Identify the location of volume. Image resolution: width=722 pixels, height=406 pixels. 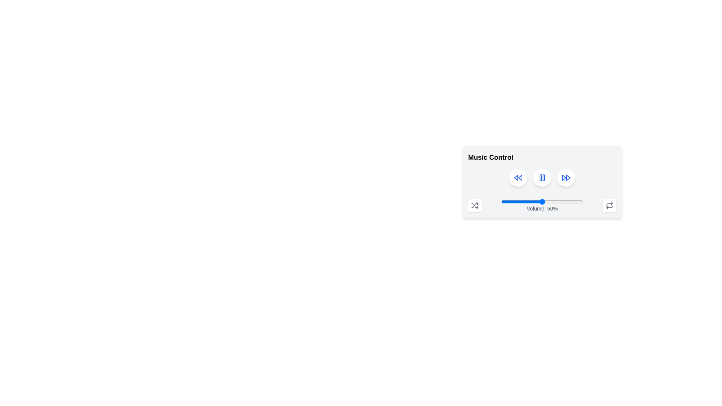
(514, 201).